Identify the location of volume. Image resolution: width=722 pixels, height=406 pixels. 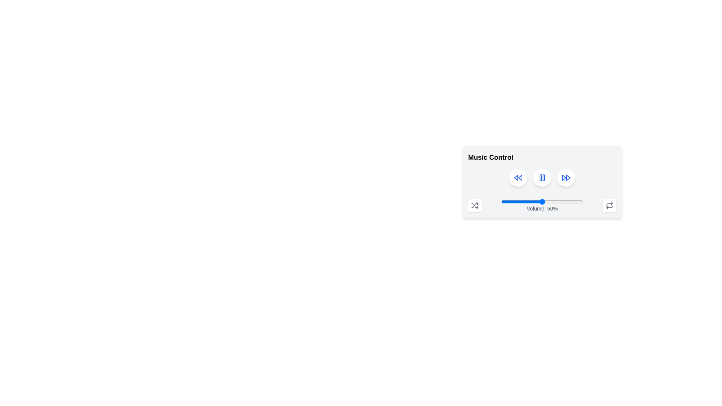
(514, 201).